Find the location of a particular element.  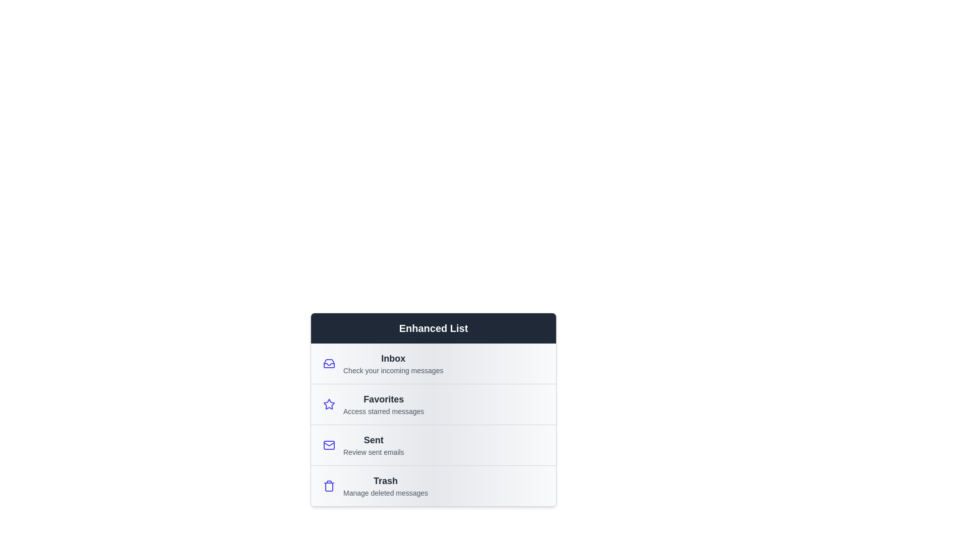

the 'Favorites' interactive list item, which is the second item in a vertical menu list is located at coordinates (433, 403).